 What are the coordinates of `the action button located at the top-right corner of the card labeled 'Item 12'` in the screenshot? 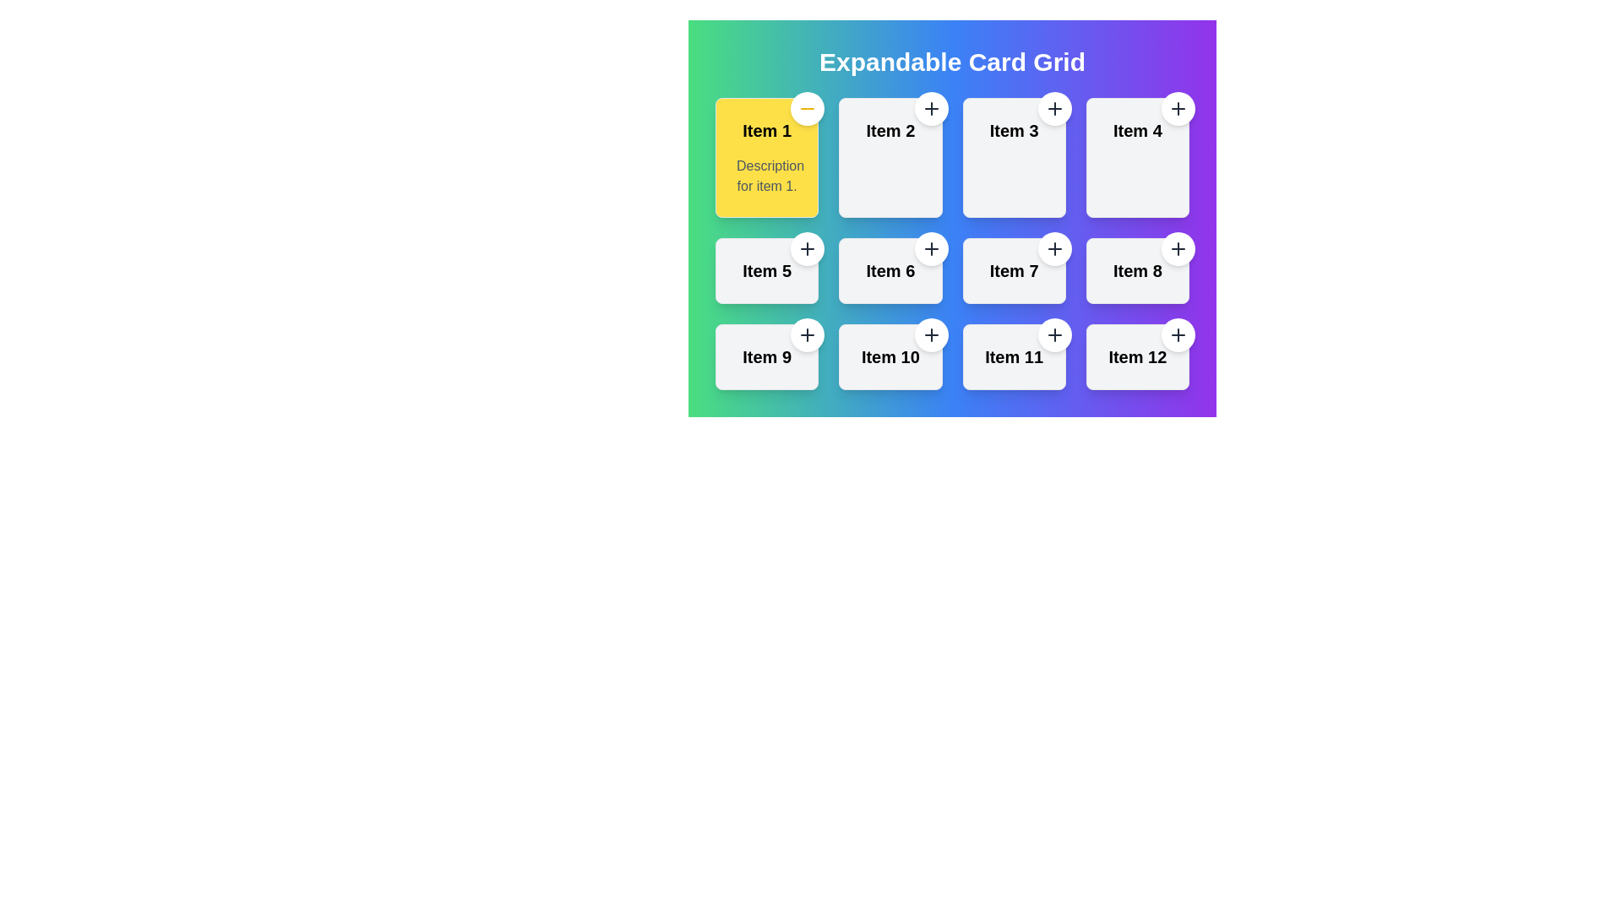 It's located at (1178, 335).